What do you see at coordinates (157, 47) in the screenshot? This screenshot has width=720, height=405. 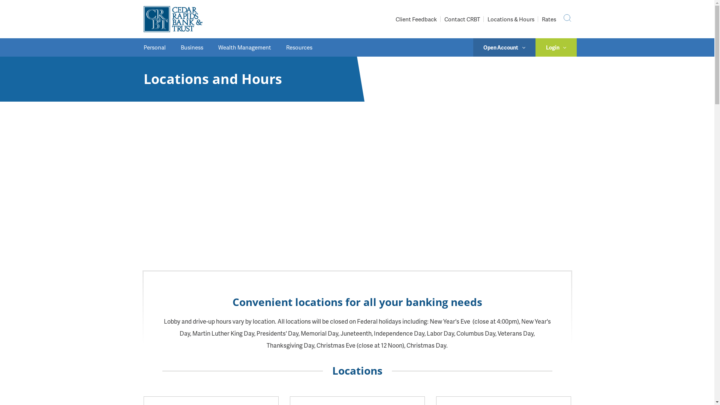 I see `'Personal'` at bounding box center [157, 47].